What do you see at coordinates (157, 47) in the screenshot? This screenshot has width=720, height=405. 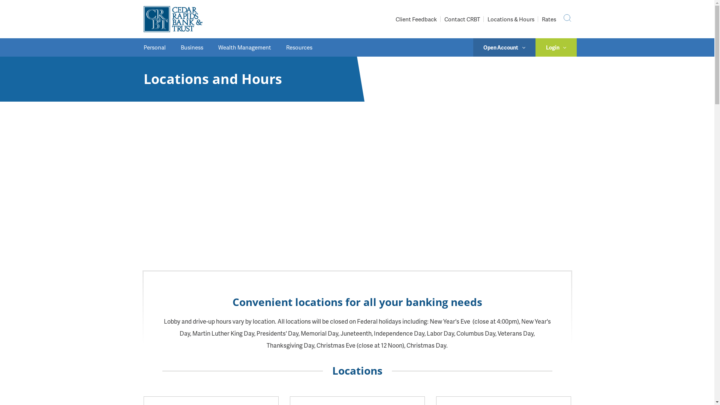 I see `'Personal'` at bounding box center [157, 47].